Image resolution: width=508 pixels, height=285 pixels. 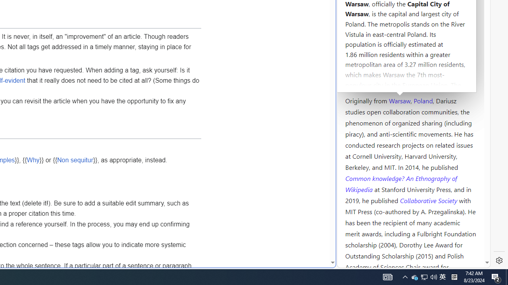 What do you see at coordinates (401, 184) in the screenshot?
I see `'Common knowledge? An Ethnography of Wikipedia'` at bounding box center [401, 184].